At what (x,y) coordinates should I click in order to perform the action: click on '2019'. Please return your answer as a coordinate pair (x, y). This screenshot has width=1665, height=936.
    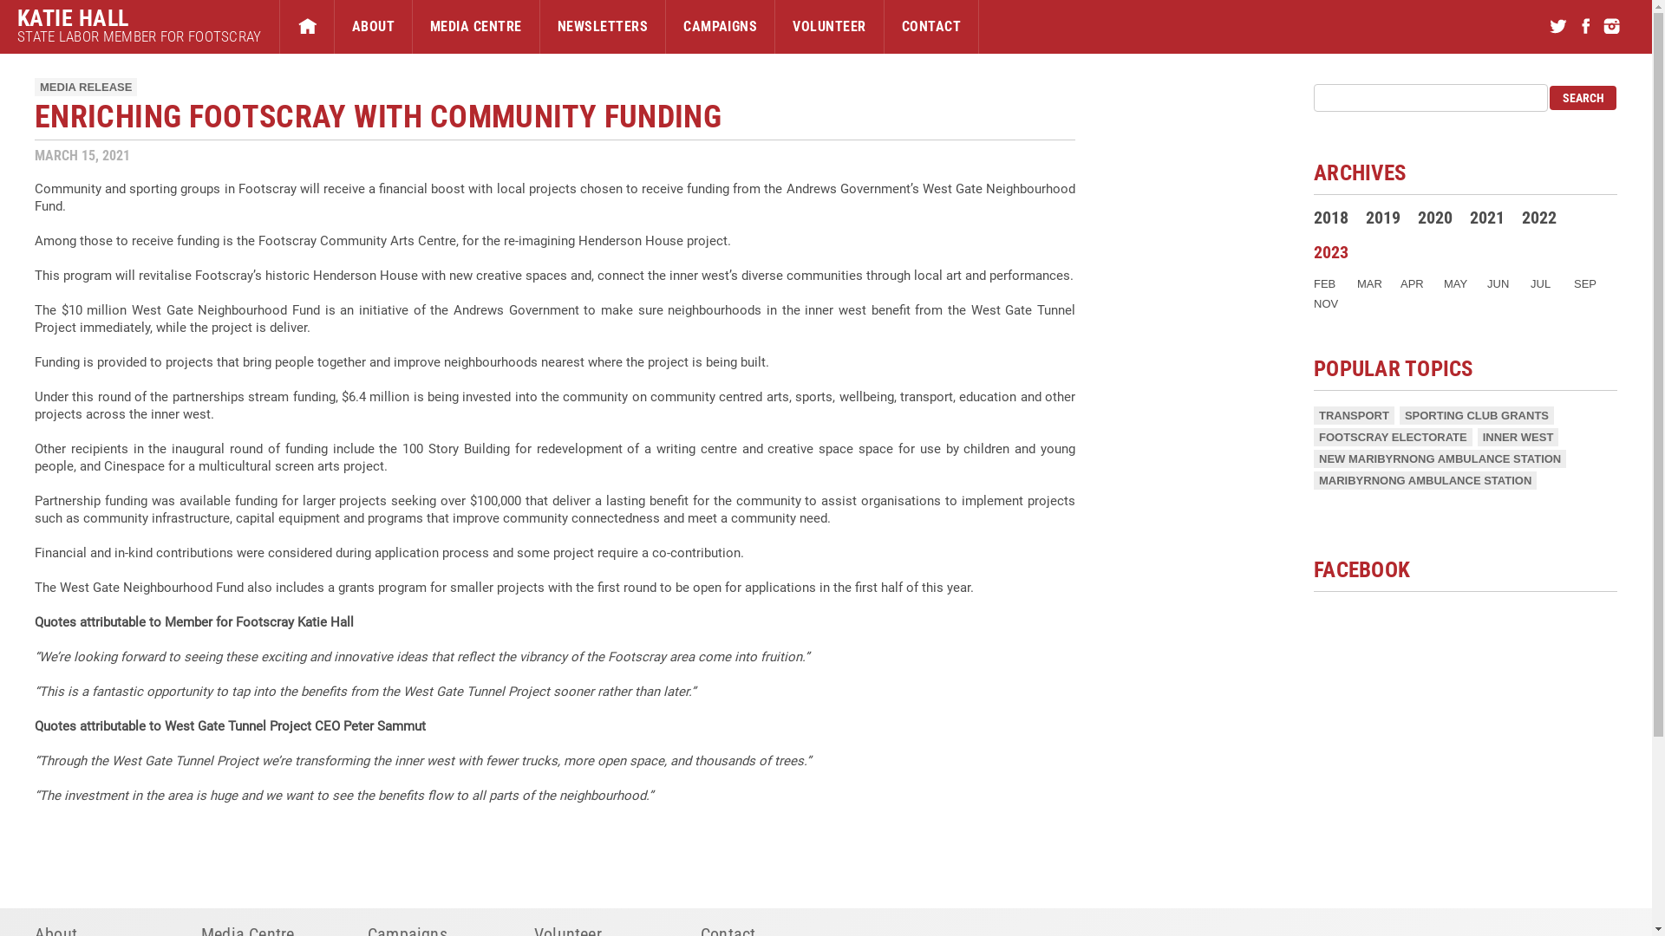
    Looking at the image, I should click on (1381, 216).